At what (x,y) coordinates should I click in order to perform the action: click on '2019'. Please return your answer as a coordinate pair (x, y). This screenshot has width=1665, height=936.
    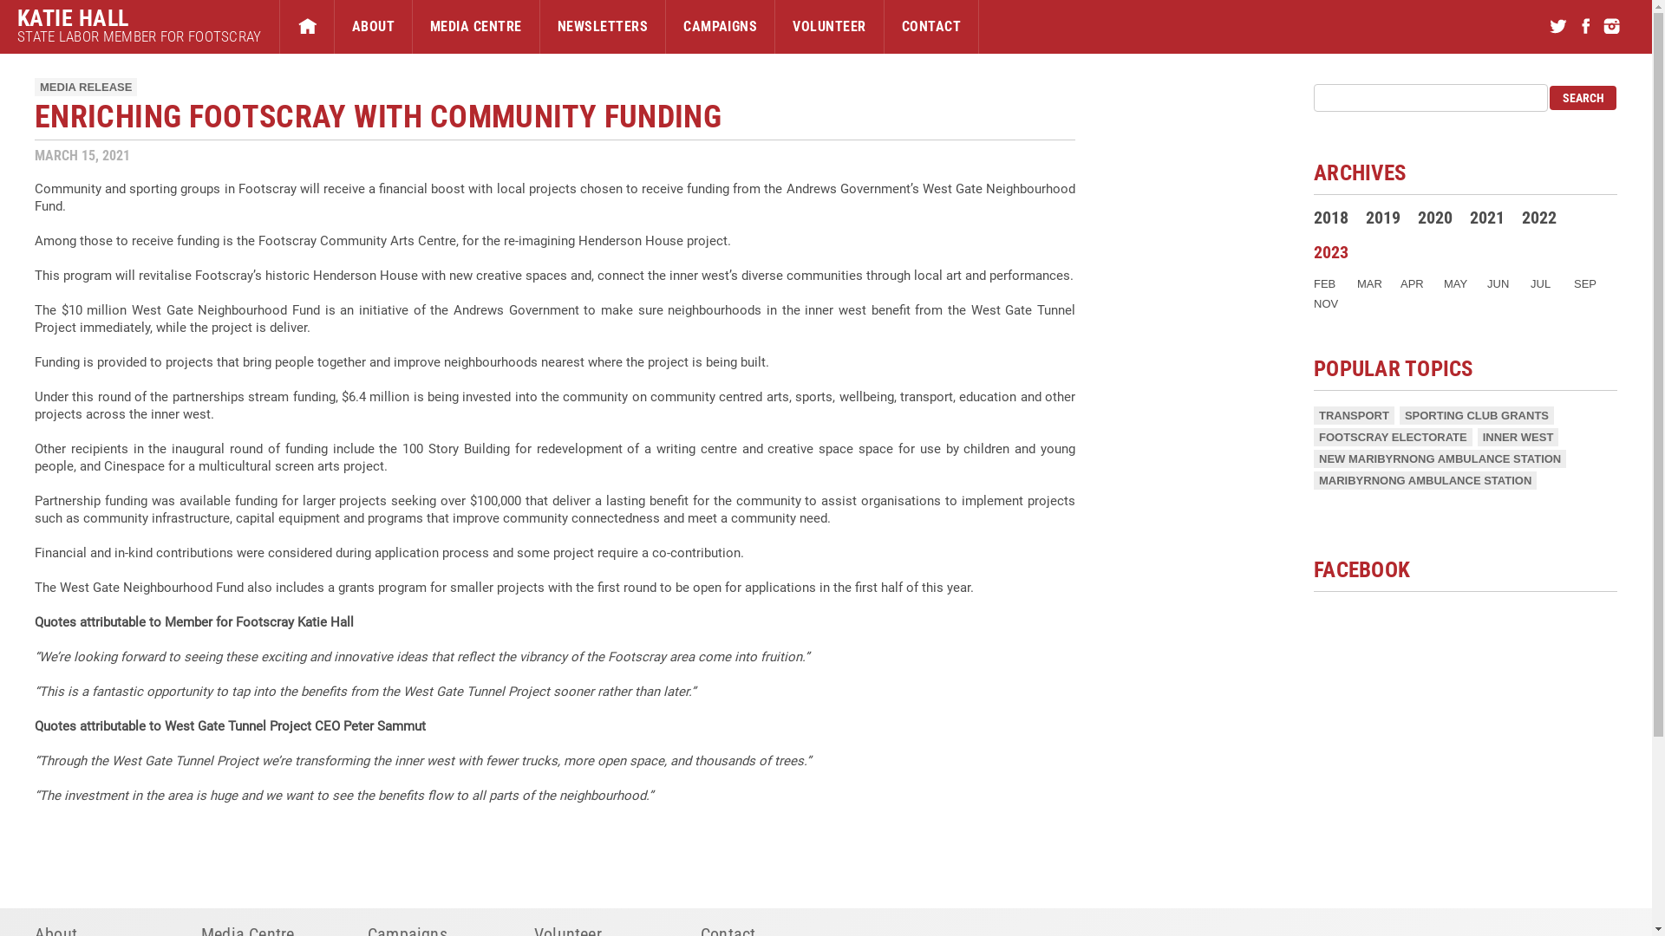
    Looking at the image, I should click on (1381, 216).